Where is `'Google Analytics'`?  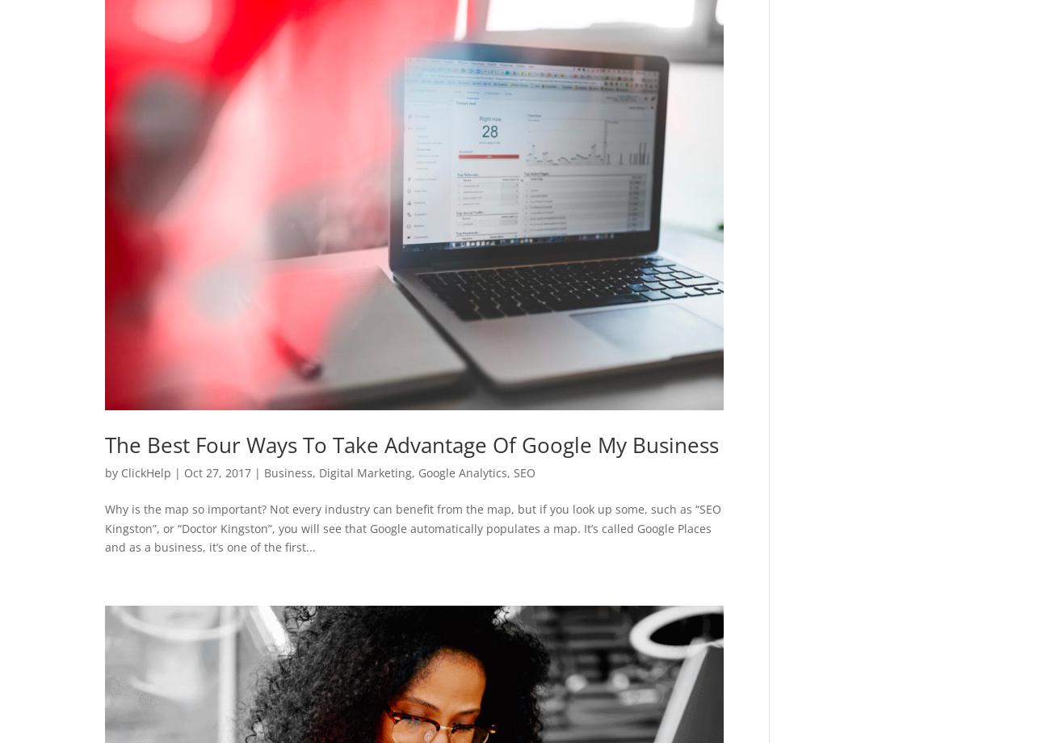
'Google Analytics' is located at coordinates (462, 472).